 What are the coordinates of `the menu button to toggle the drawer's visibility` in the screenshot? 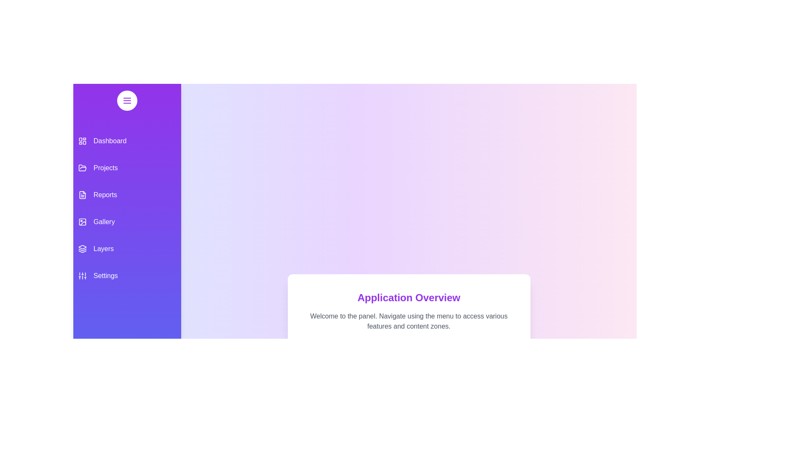 It's located at (127, 100).